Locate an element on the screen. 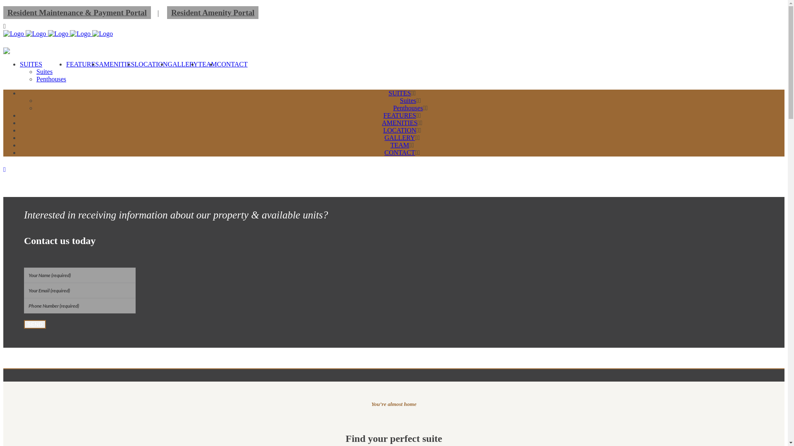  'CONTACT' is located at coordinates (399, 152).